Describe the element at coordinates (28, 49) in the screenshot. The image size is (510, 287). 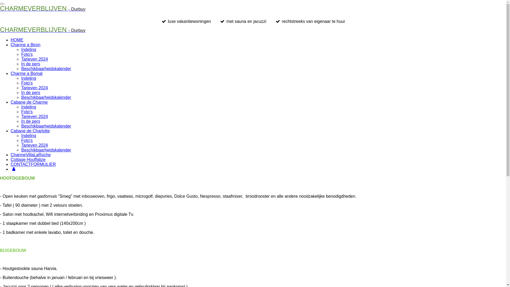
I see `'Indeling'` at that location.